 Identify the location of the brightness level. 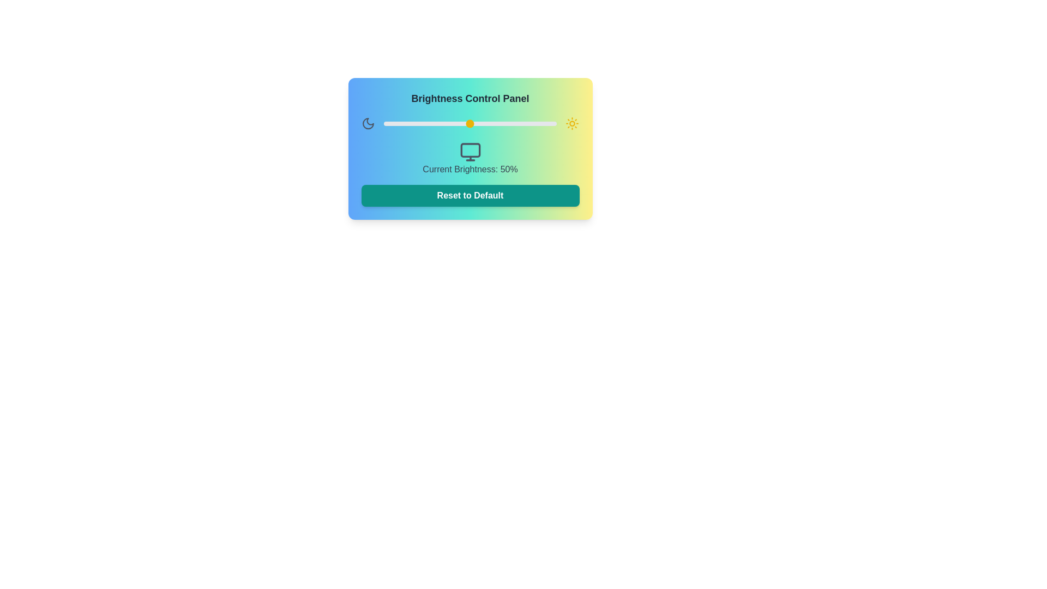
(550, 123).